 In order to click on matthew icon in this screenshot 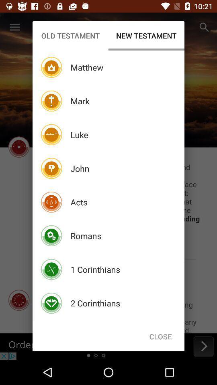, I will do `click(86, 67)`.